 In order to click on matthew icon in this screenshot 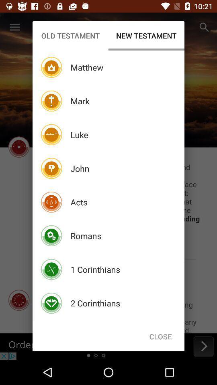, I will do `click(86, 67)`.